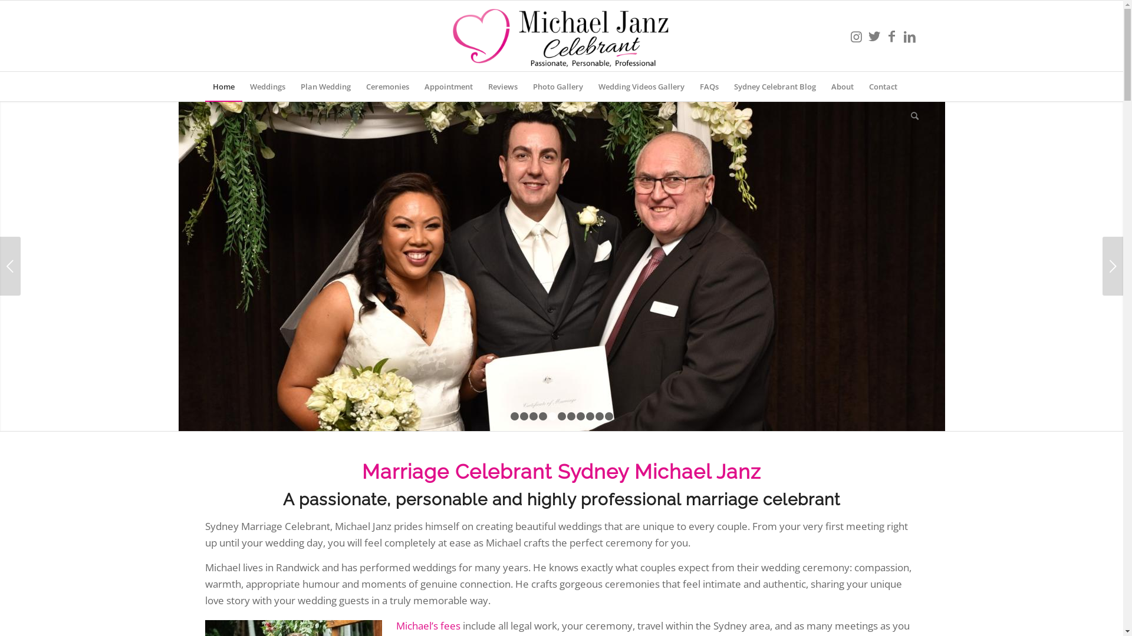 This screenshot has height=636, width=1132. Describe the element at coordinates (883, 85) in the screenshot. I see `'Contact'` at that location.